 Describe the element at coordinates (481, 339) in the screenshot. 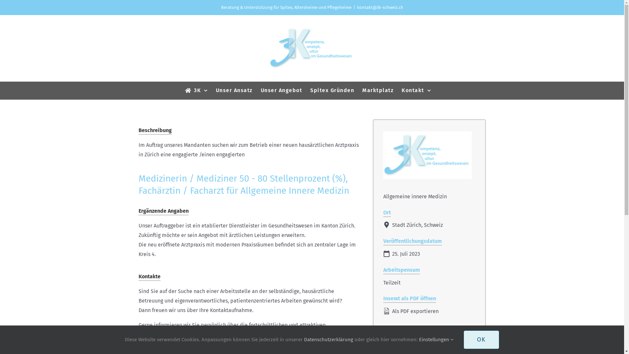

I see `'OK'` at that location.